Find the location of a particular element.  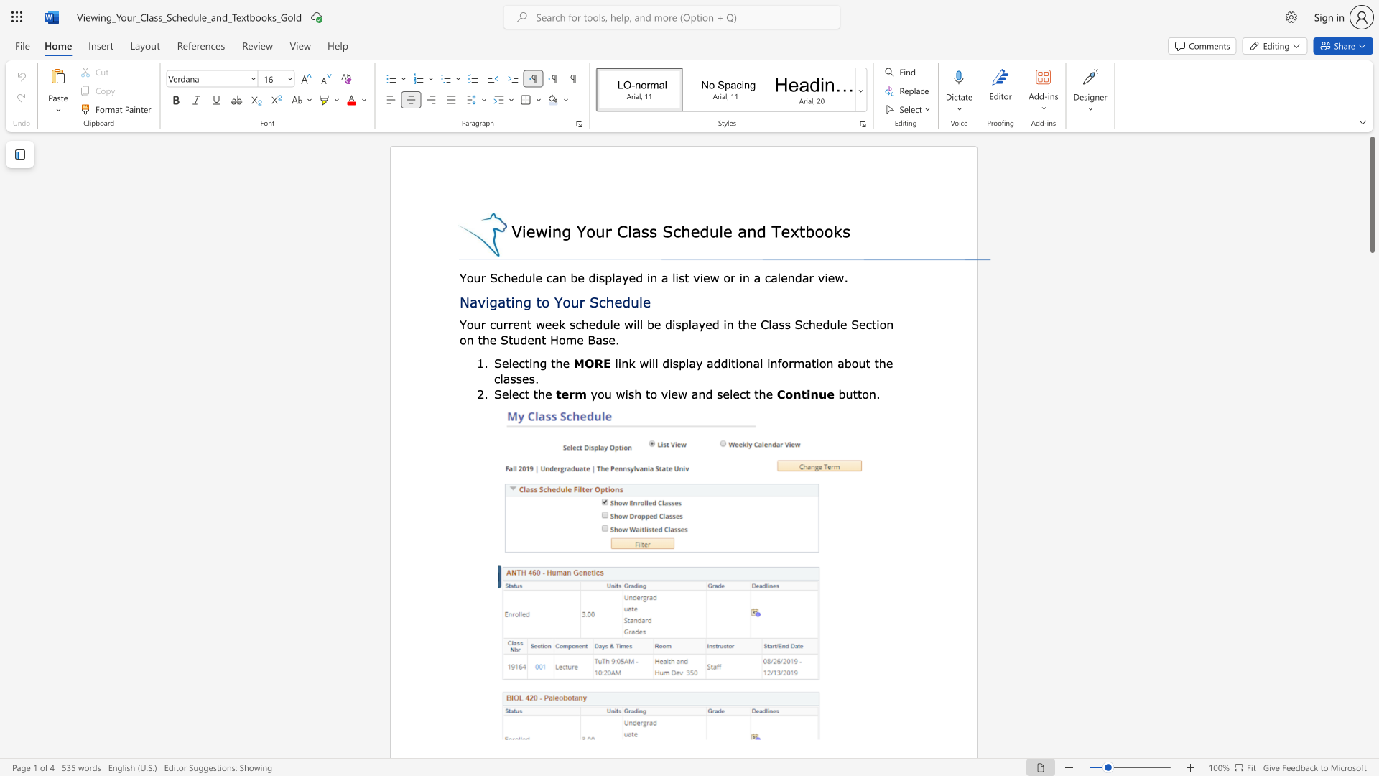

the scrollbar to move the content lower is located at coordinates (1371, 280).